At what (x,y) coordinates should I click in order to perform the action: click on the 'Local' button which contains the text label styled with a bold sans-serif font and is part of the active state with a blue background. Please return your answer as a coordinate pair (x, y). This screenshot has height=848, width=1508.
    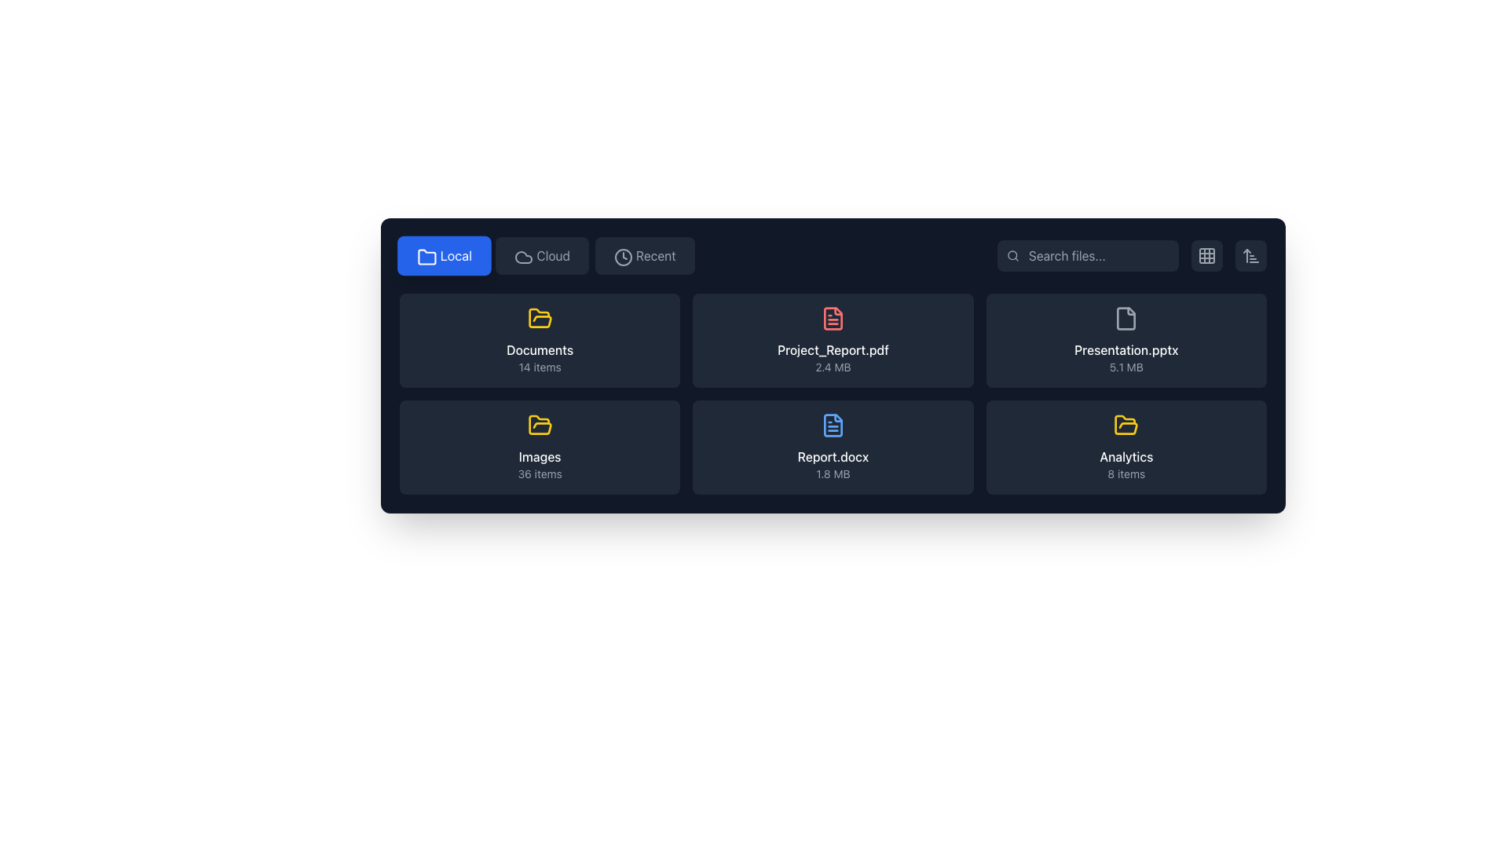
    Looking at the image, I should click on (455, 255).